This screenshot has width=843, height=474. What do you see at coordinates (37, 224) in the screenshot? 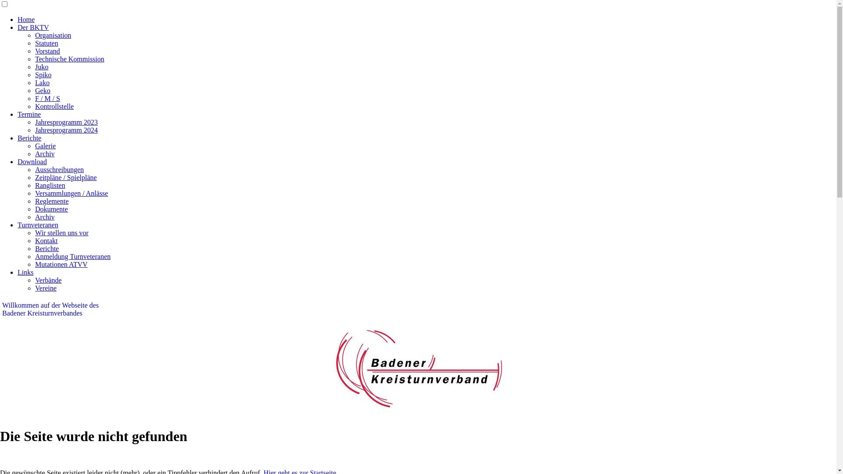
I see `'Turnveteranen'` at bounding box center [37, 224].